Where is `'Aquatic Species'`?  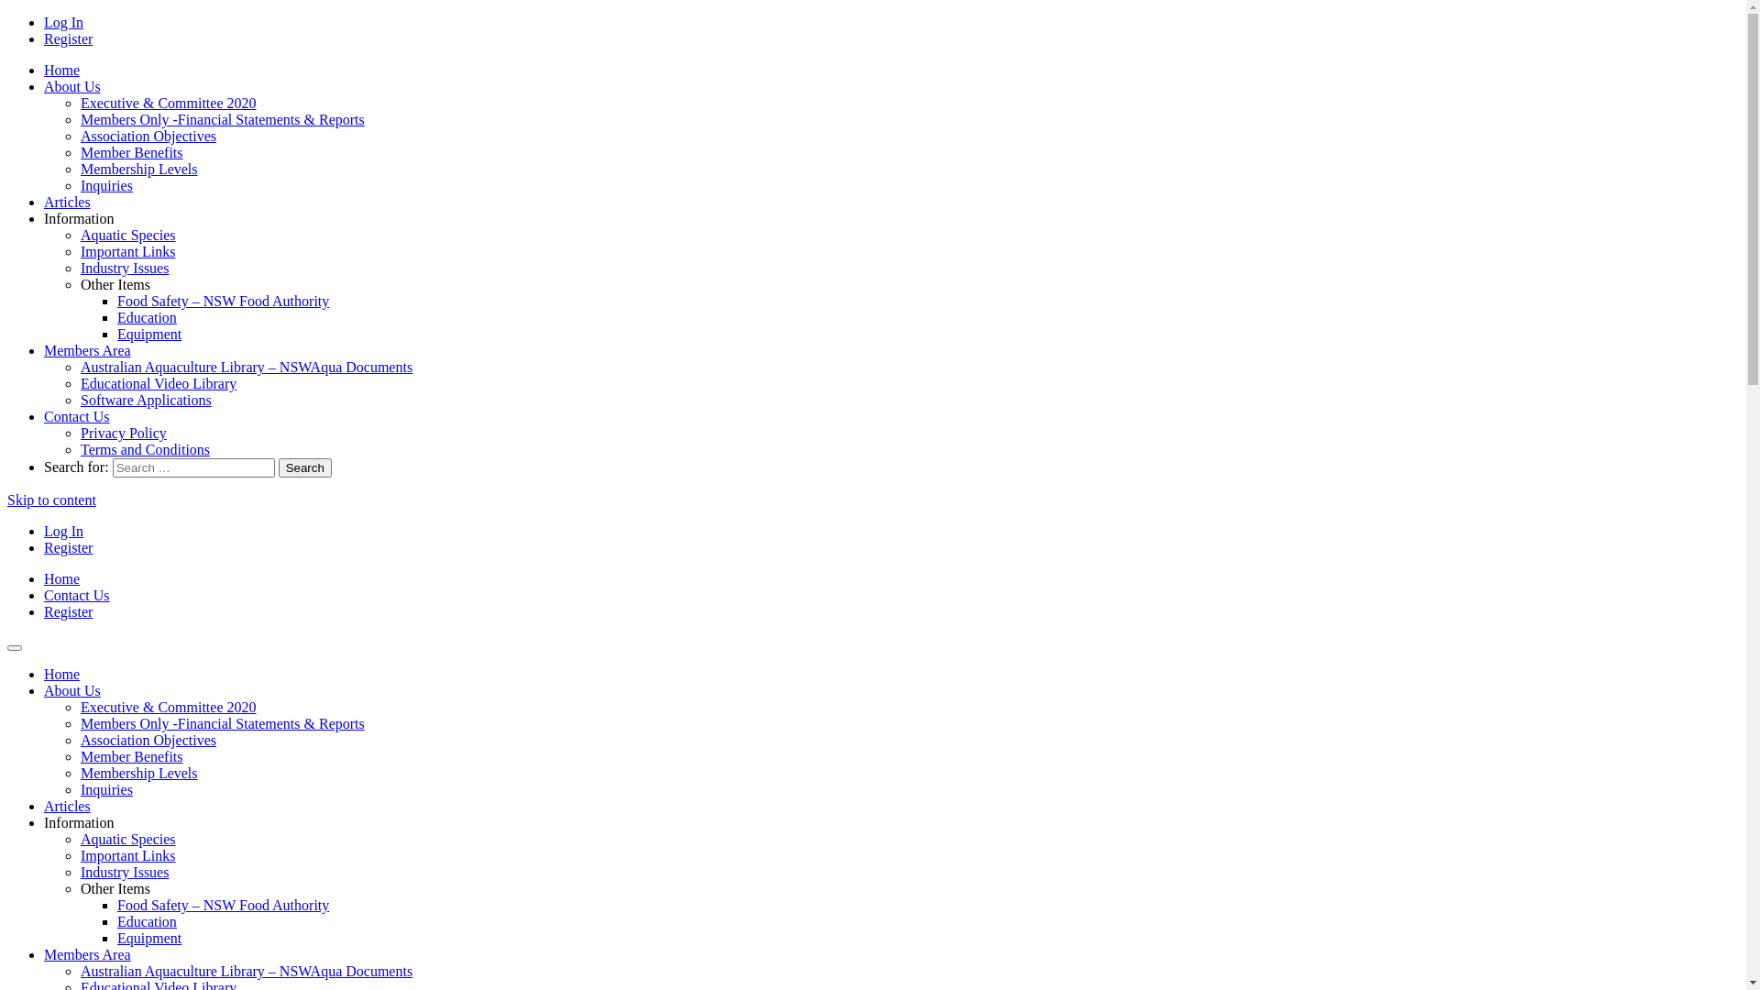
'Aquatic Species' is located at coordinates (126, 839).